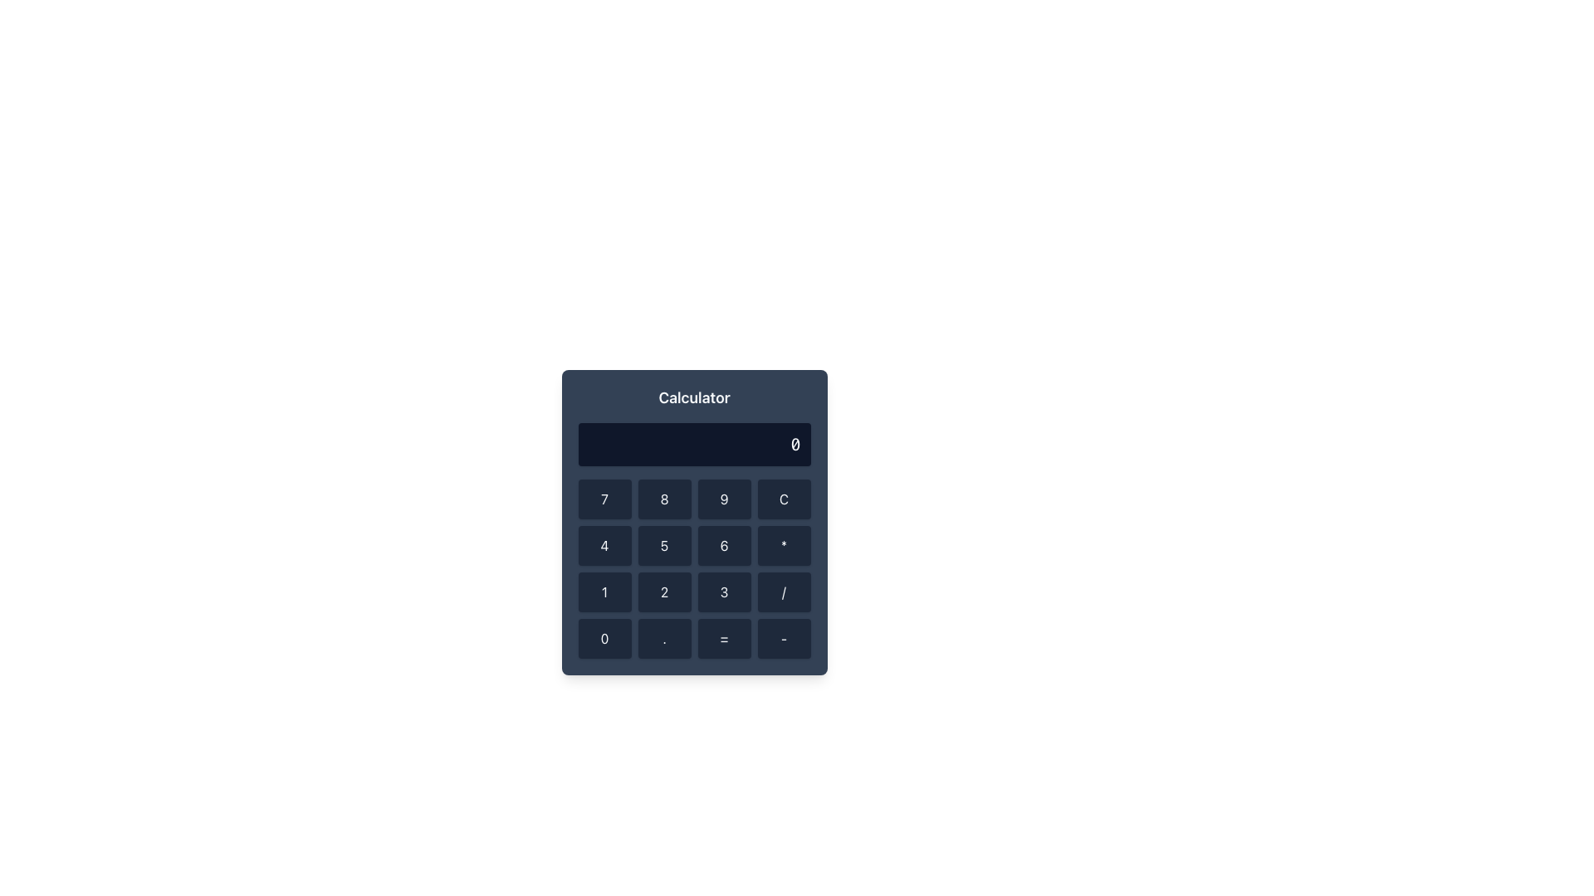 This screenshot has height=896, width=1594. What do you see at coordinates (664, 591) in the screenshot?
I see `the button displaying the digit '2', which has a dark slate-blue background and is the second button in the third row of a grid layout, to input the number` at bounding box center [664, 591].